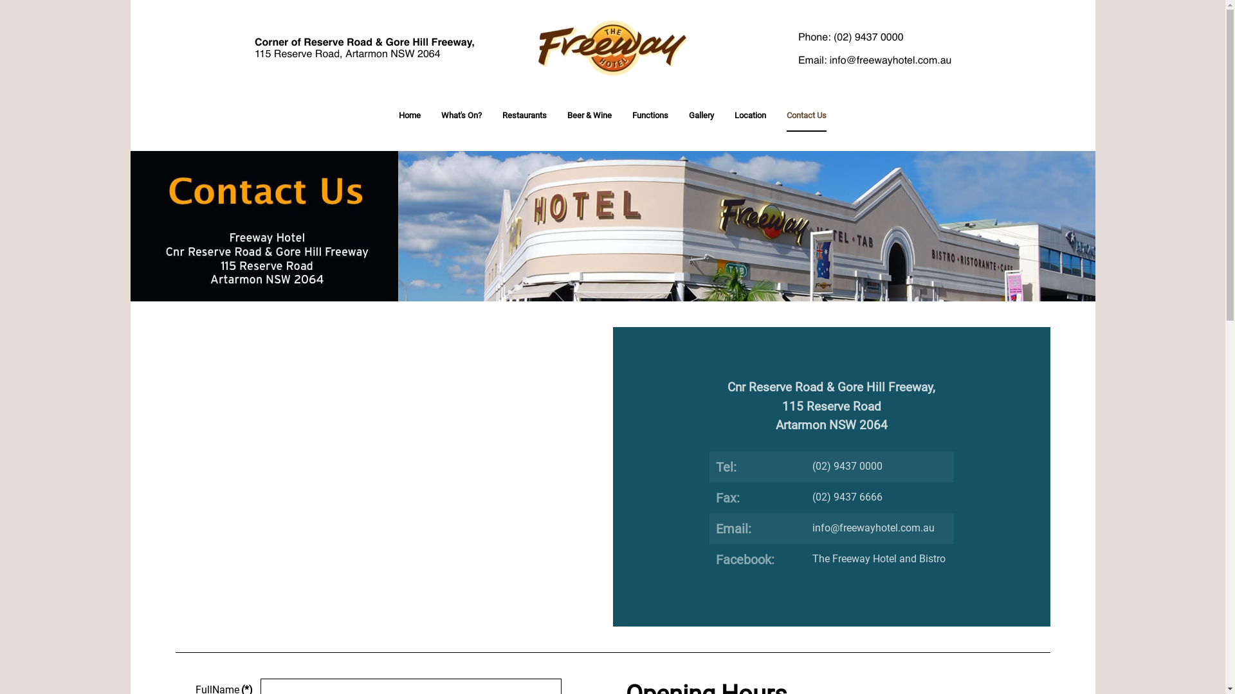  I want to click on 'Home', so click(409, 116).